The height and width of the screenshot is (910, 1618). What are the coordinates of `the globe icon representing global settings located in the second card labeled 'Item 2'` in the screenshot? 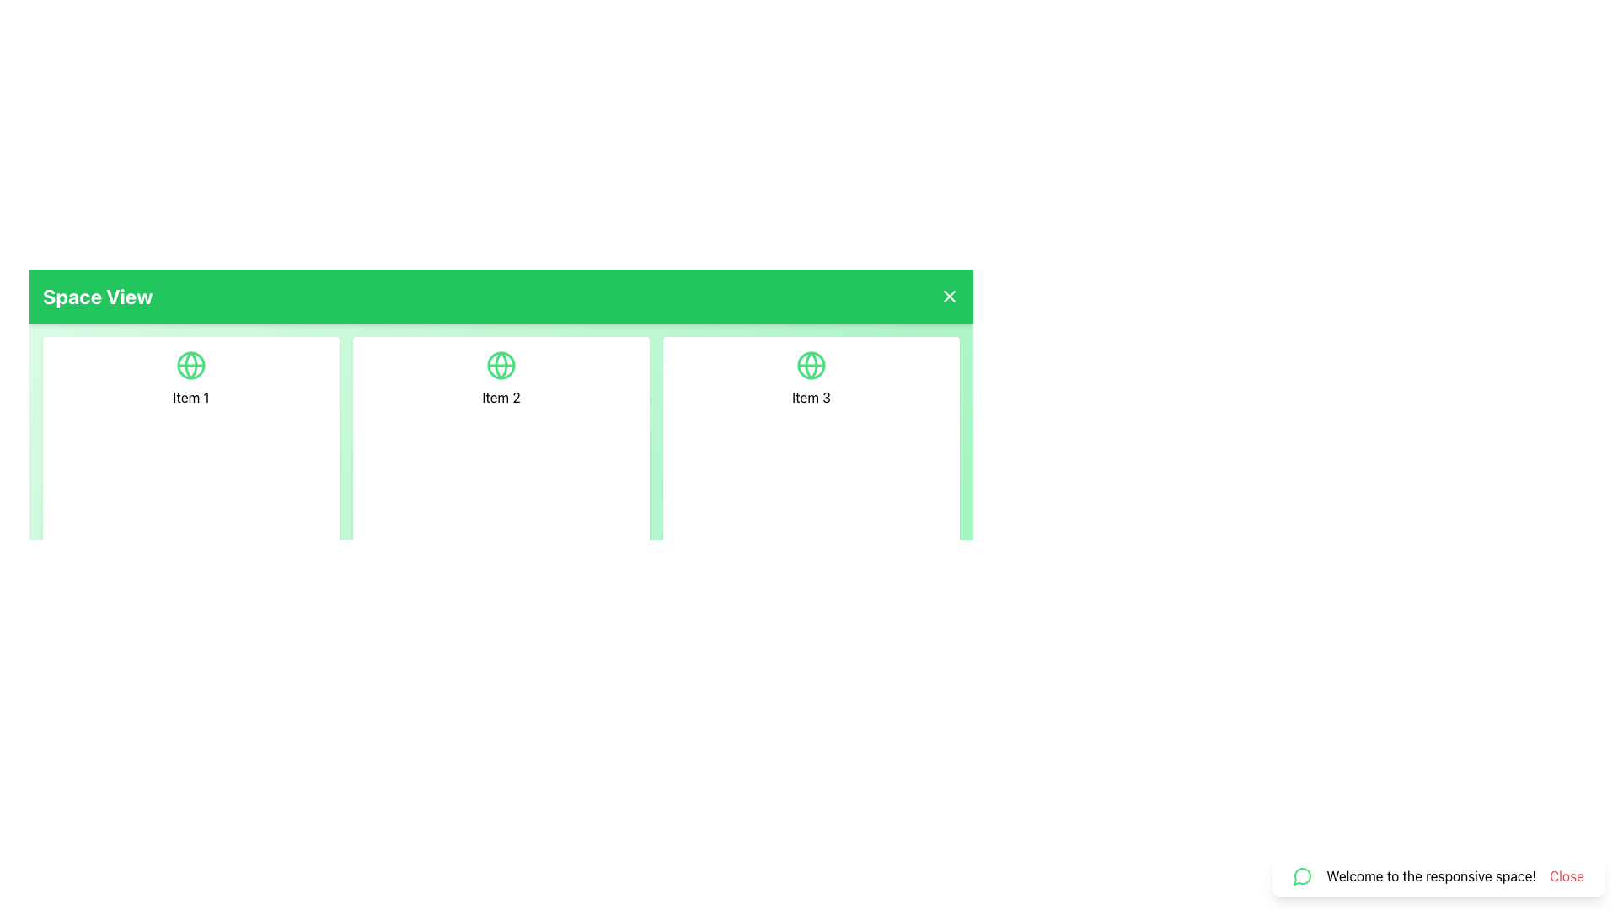 It's located at (501, 365).